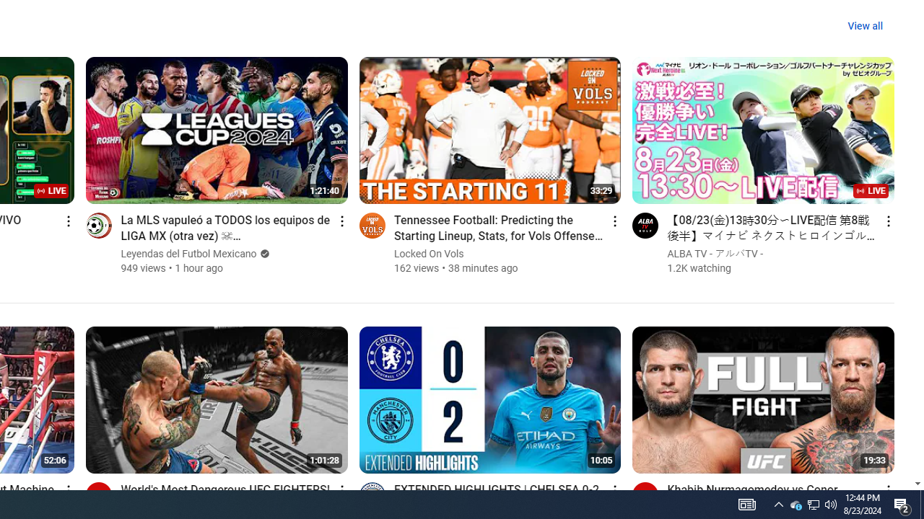 The height and width of the screenshot is (519, 924). What do you see at coordinates (428, 253) in the screenshot?
I see `'Locked On Vols'` at bounding box center [428, 253].